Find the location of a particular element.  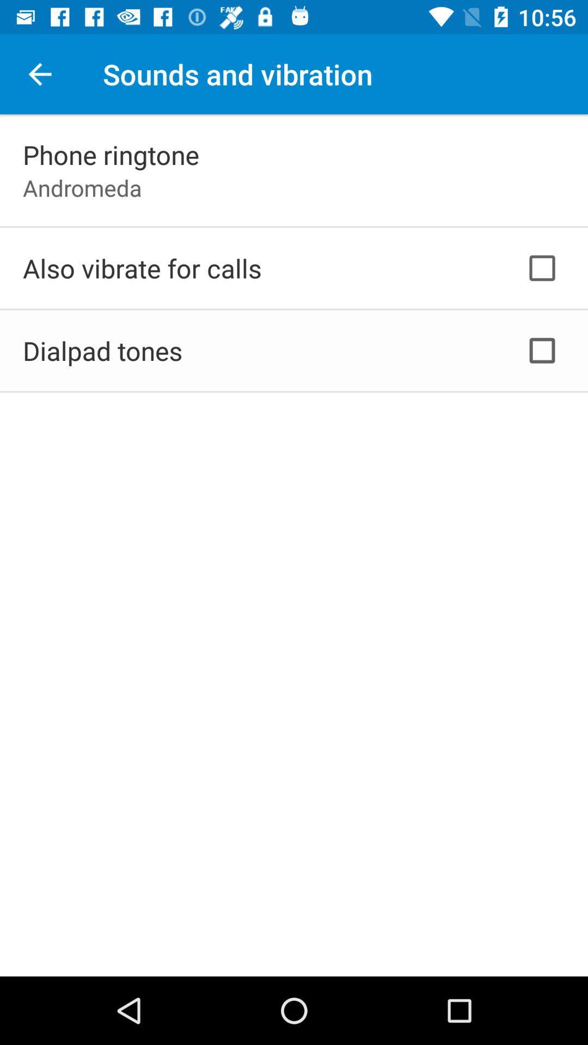

the andromeda is located at coordinates (82, 188).